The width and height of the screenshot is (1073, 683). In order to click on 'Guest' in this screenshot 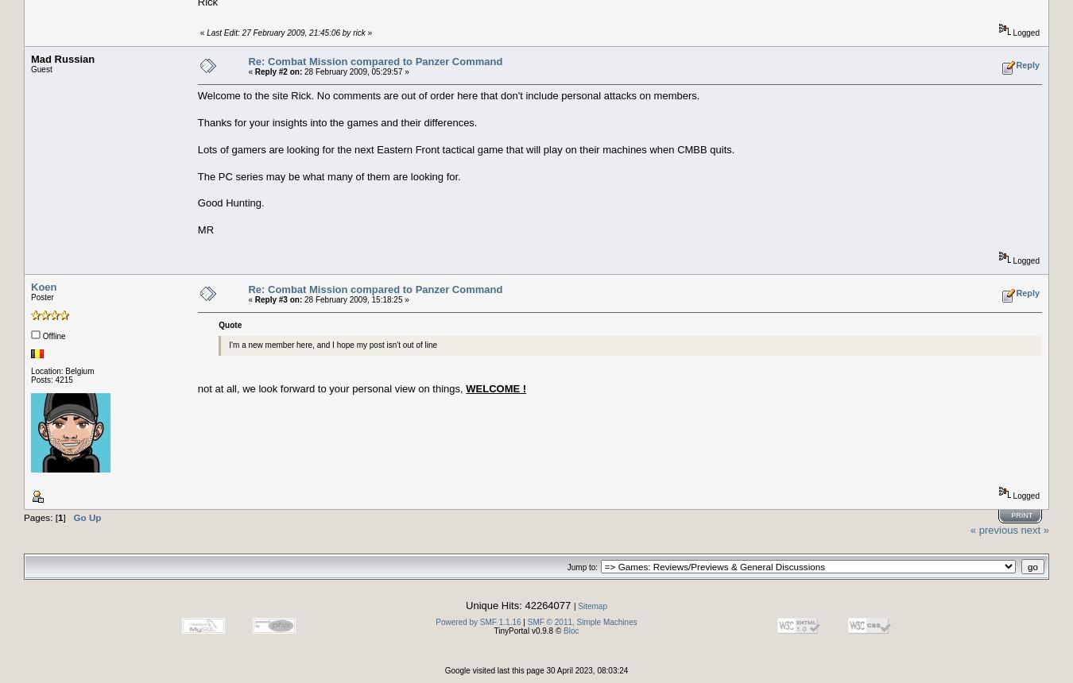, I will do `click(40, 68)`.